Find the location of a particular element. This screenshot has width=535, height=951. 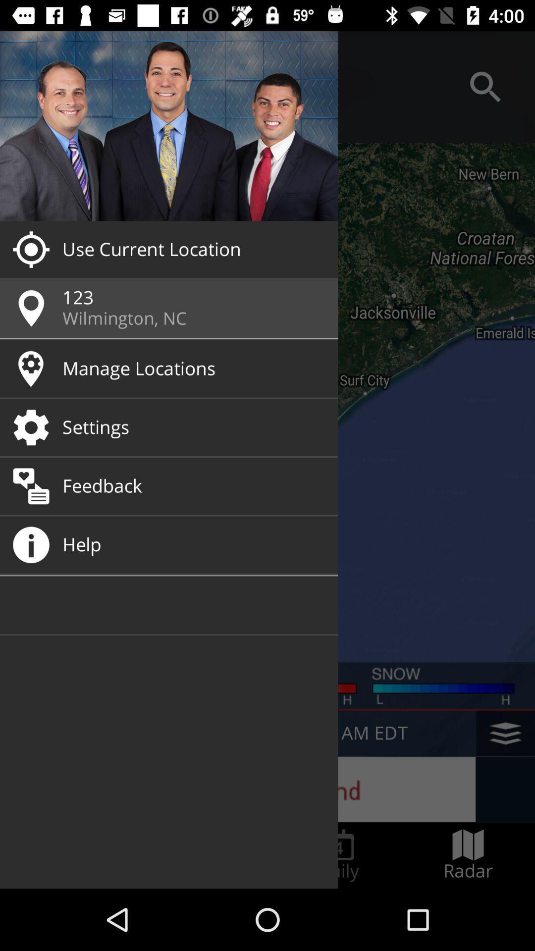

the layers icon is located at coordinates (505, 733).